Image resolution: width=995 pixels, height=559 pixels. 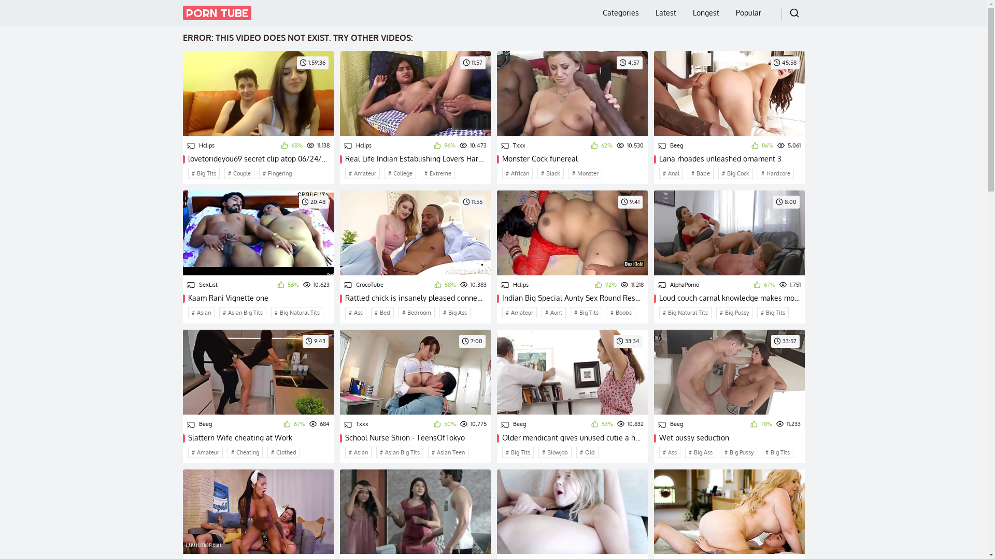 What do you see at coordinates (594, 12) in the screenshot?
I see `'Categories'` at bounding box center [594, 12].